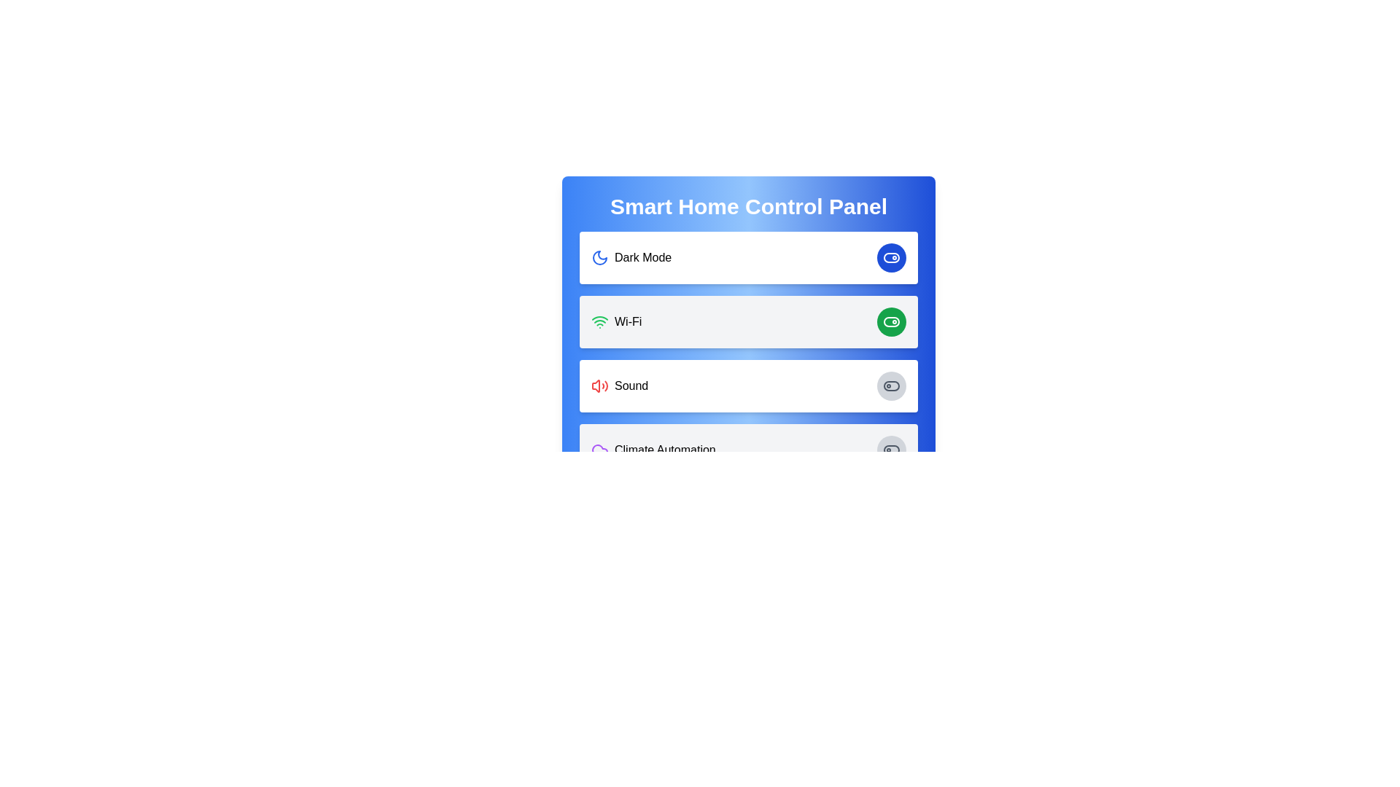 This screenshot has height=787, width=1400. I want to click on the climate automation icon located to the left of the text 'Climate Automation' in the fourth row of the Smart Home Control Panel, so click(599, 449).